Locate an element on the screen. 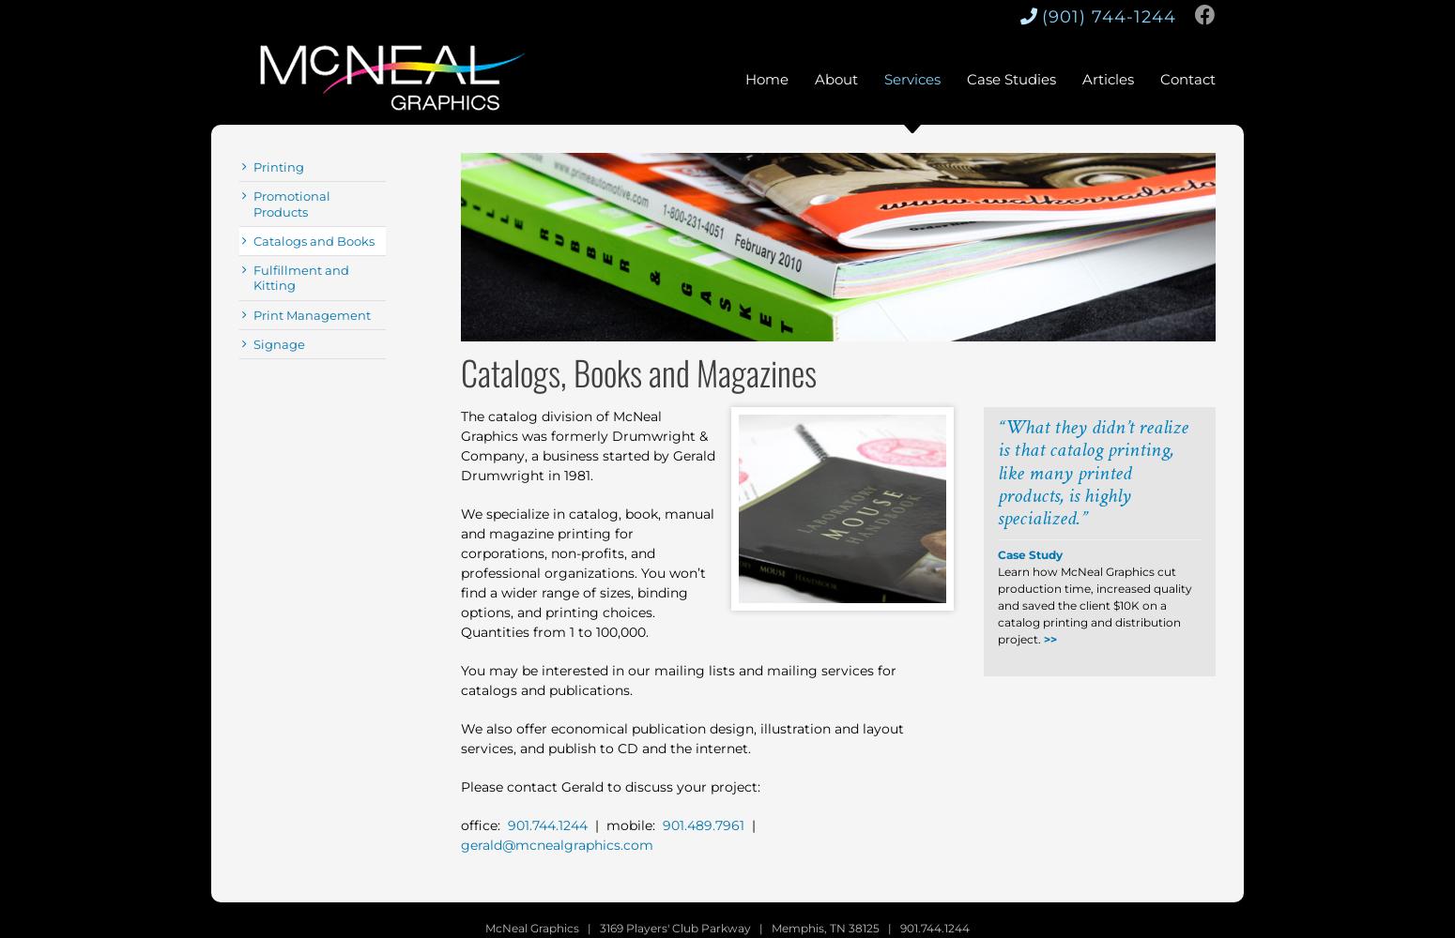  'Print Management' is located at coordinates (311, 313).